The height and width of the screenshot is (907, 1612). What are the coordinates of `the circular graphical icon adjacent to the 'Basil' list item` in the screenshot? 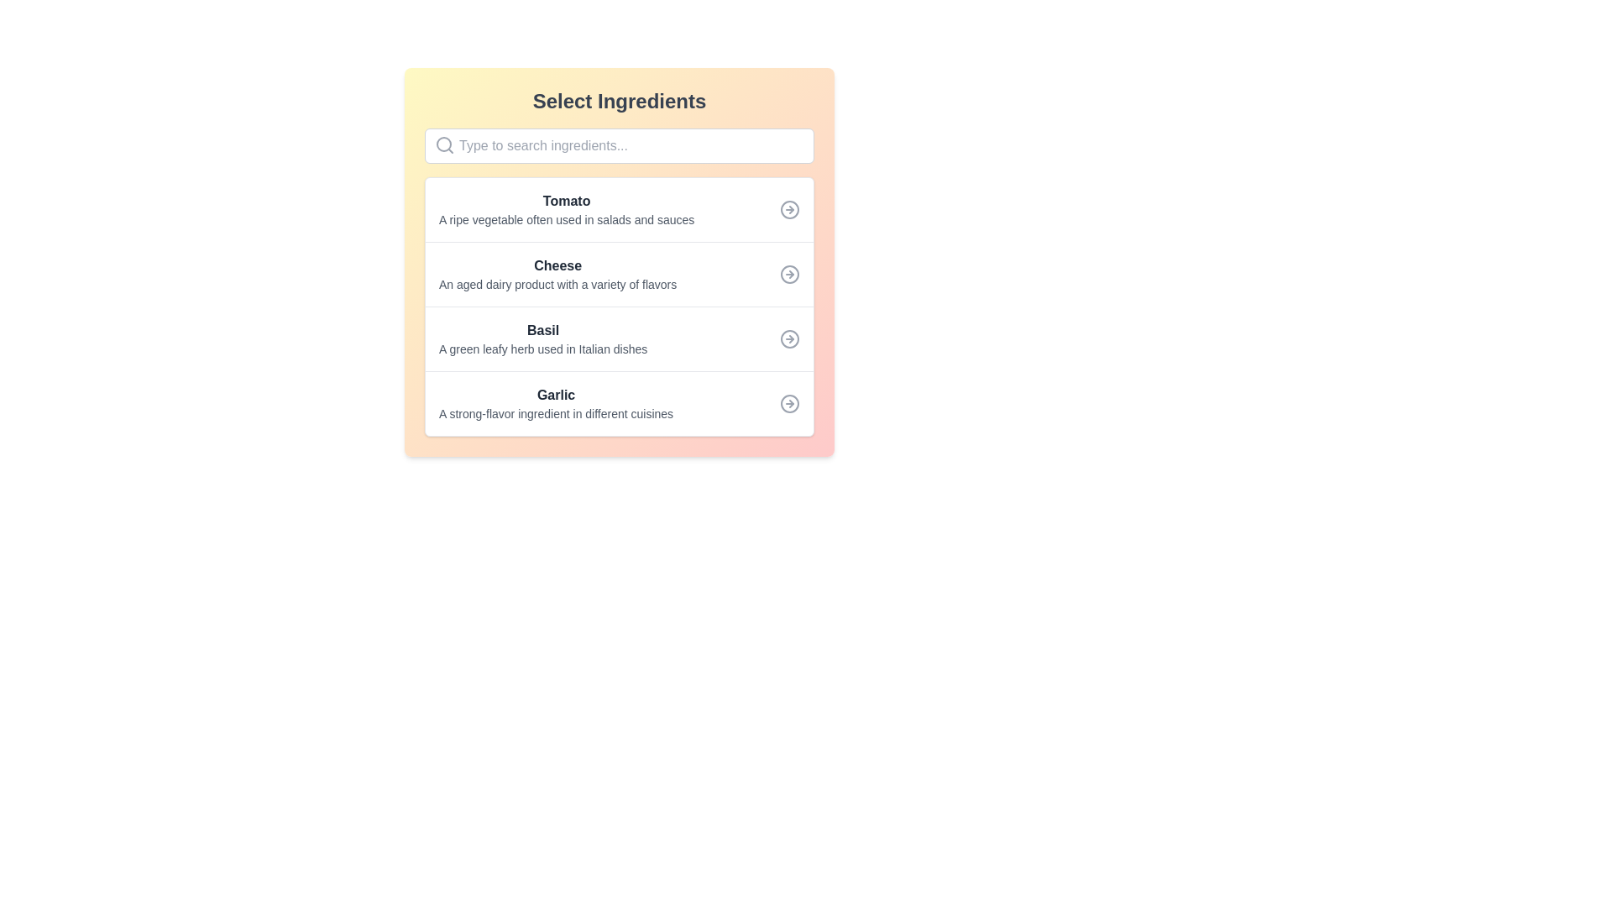 It's located at (788, 339).